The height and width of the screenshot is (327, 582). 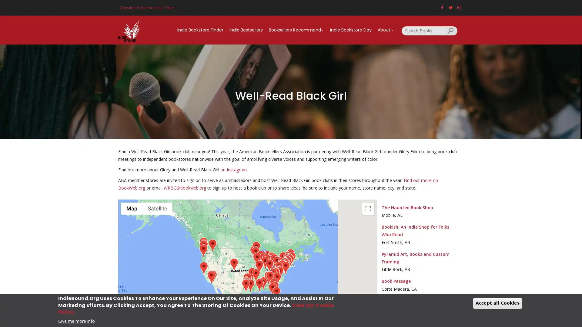 I want to click on Bookish: An Indie Shop for Folks Who Read, so click(x=252, y=274).